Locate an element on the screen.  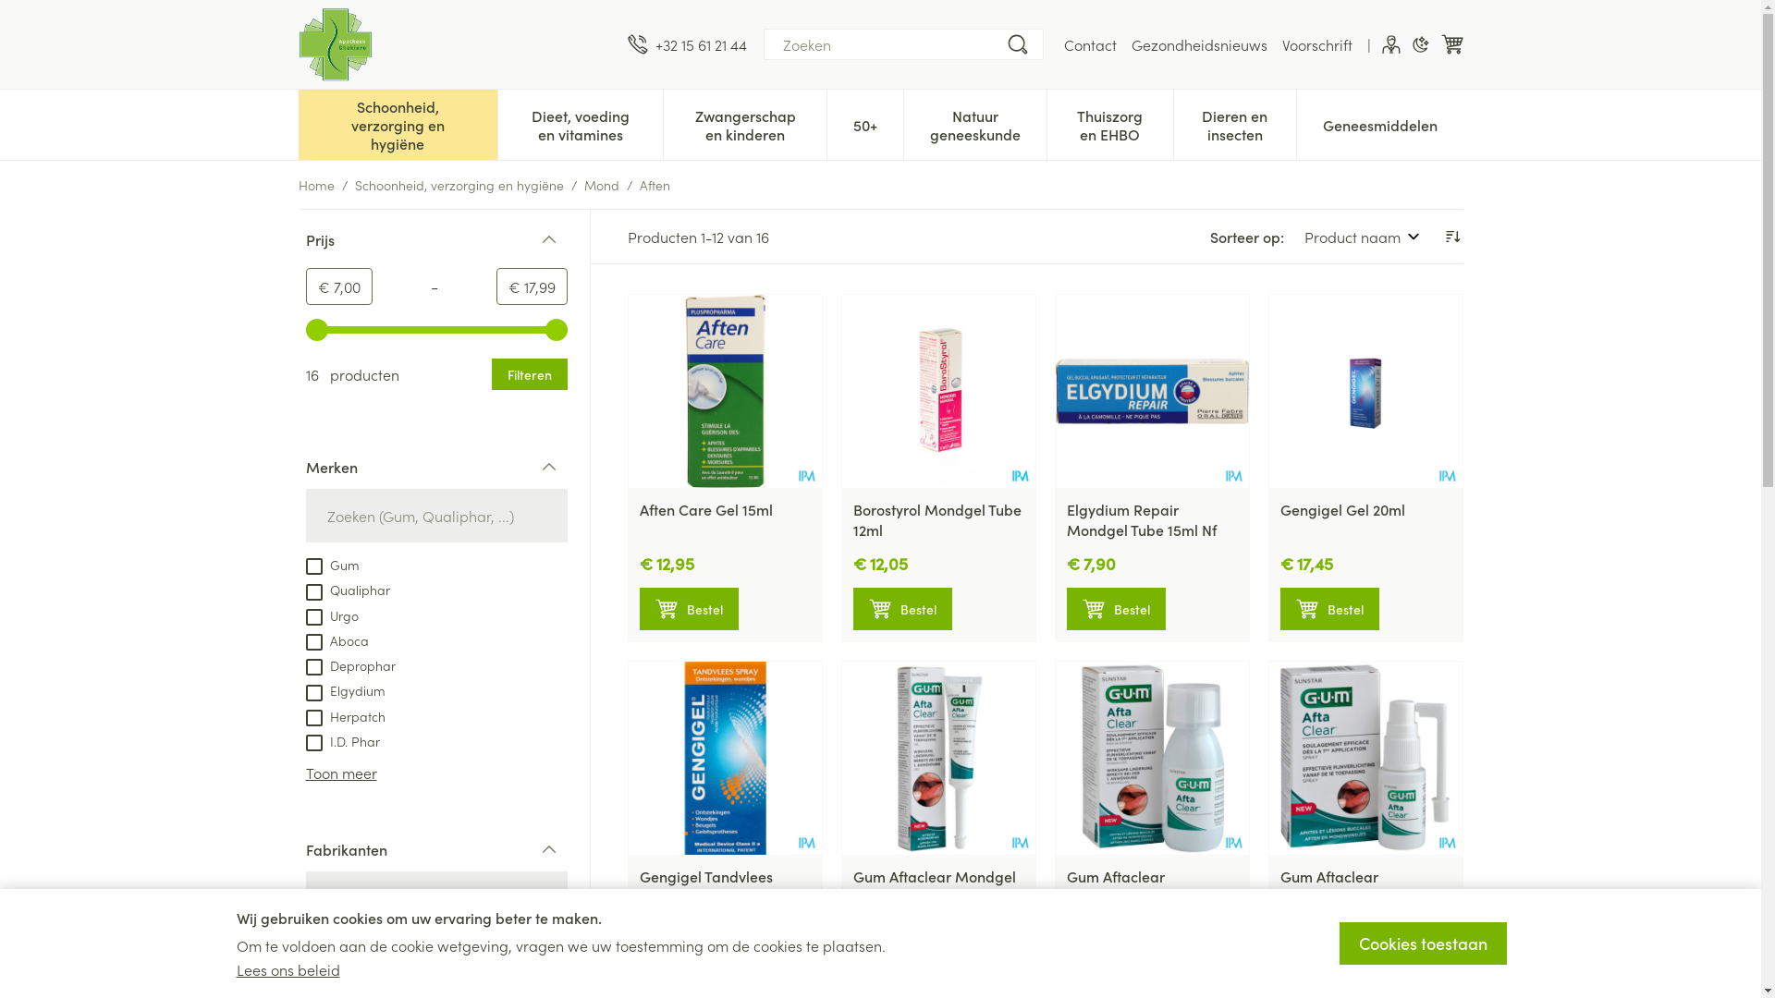
'Natuur geneeskunde' is located at coordinates (904, 122).